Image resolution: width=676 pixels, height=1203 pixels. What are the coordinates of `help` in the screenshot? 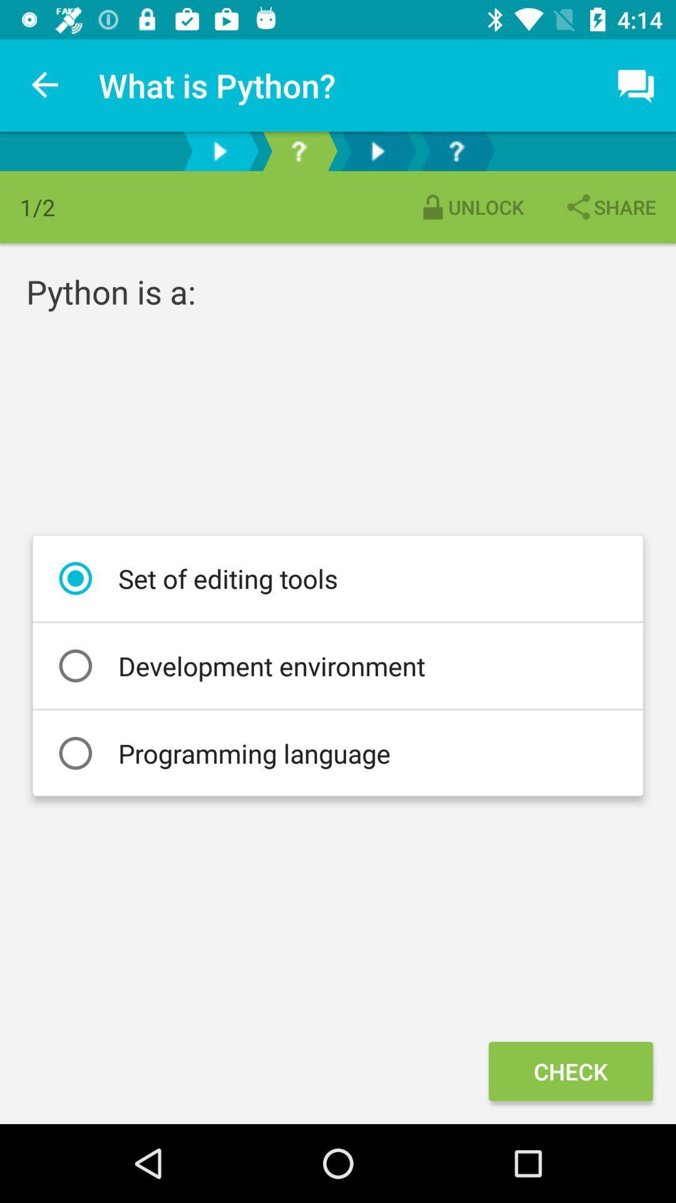 It's located at (456, 150).